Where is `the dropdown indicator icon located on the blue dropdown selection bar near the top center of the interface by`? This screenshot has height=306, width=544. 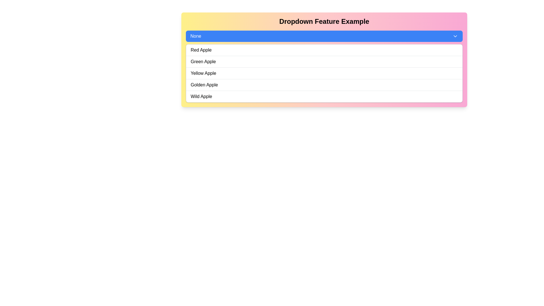
the dropdown indicator icon located on the blue dropdown selection bar near the top center of the interface by is located at coordinates (455, 36).